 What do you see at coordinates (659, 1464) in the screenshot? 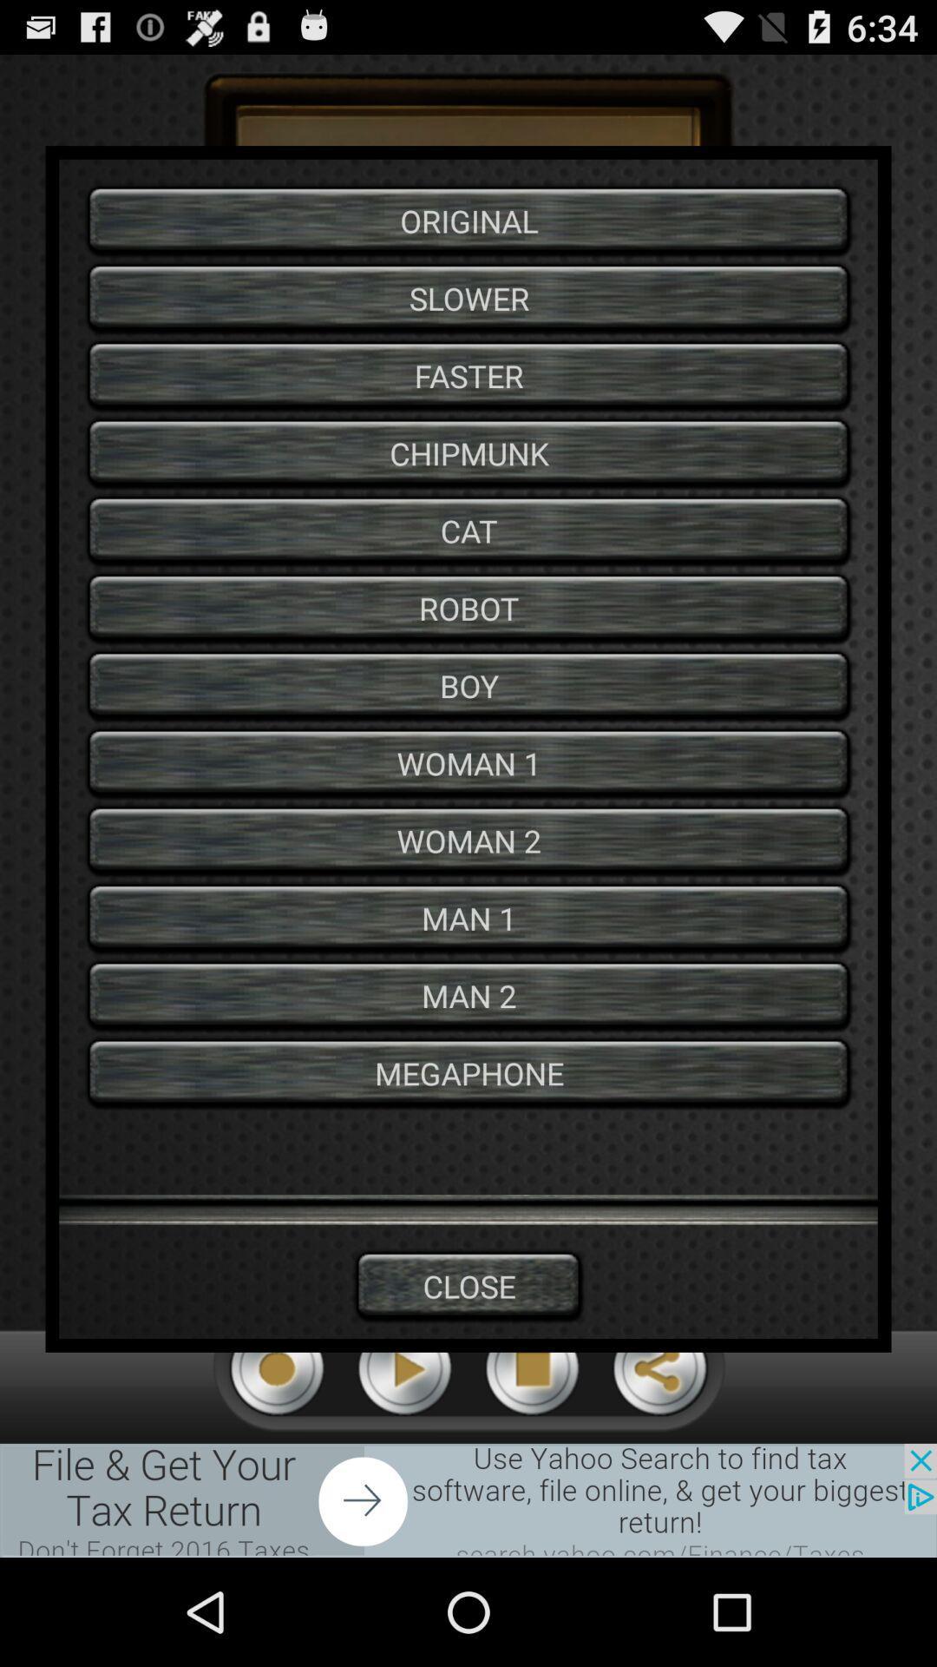
I see `the share icon` at bounding box center [659, 1464].